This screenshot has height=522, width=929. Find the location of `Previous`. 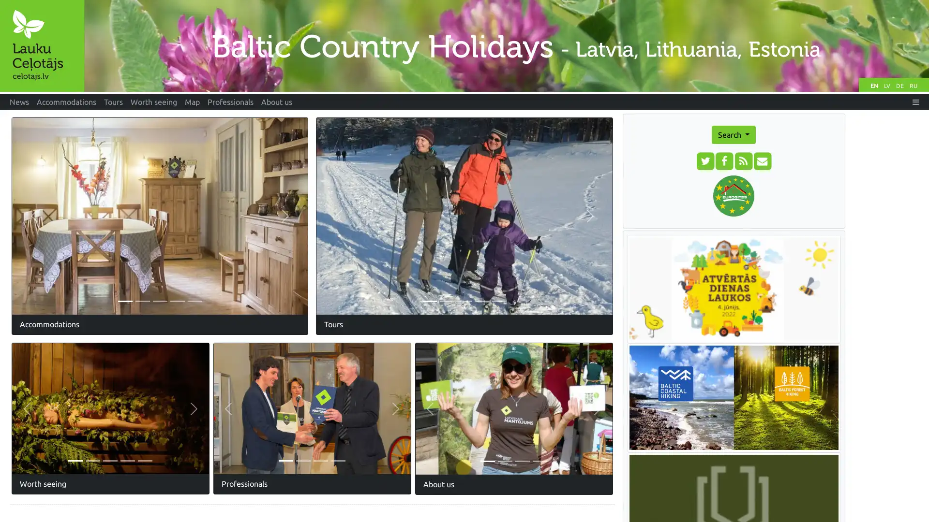

Previous is located at coordinates (429, 408).